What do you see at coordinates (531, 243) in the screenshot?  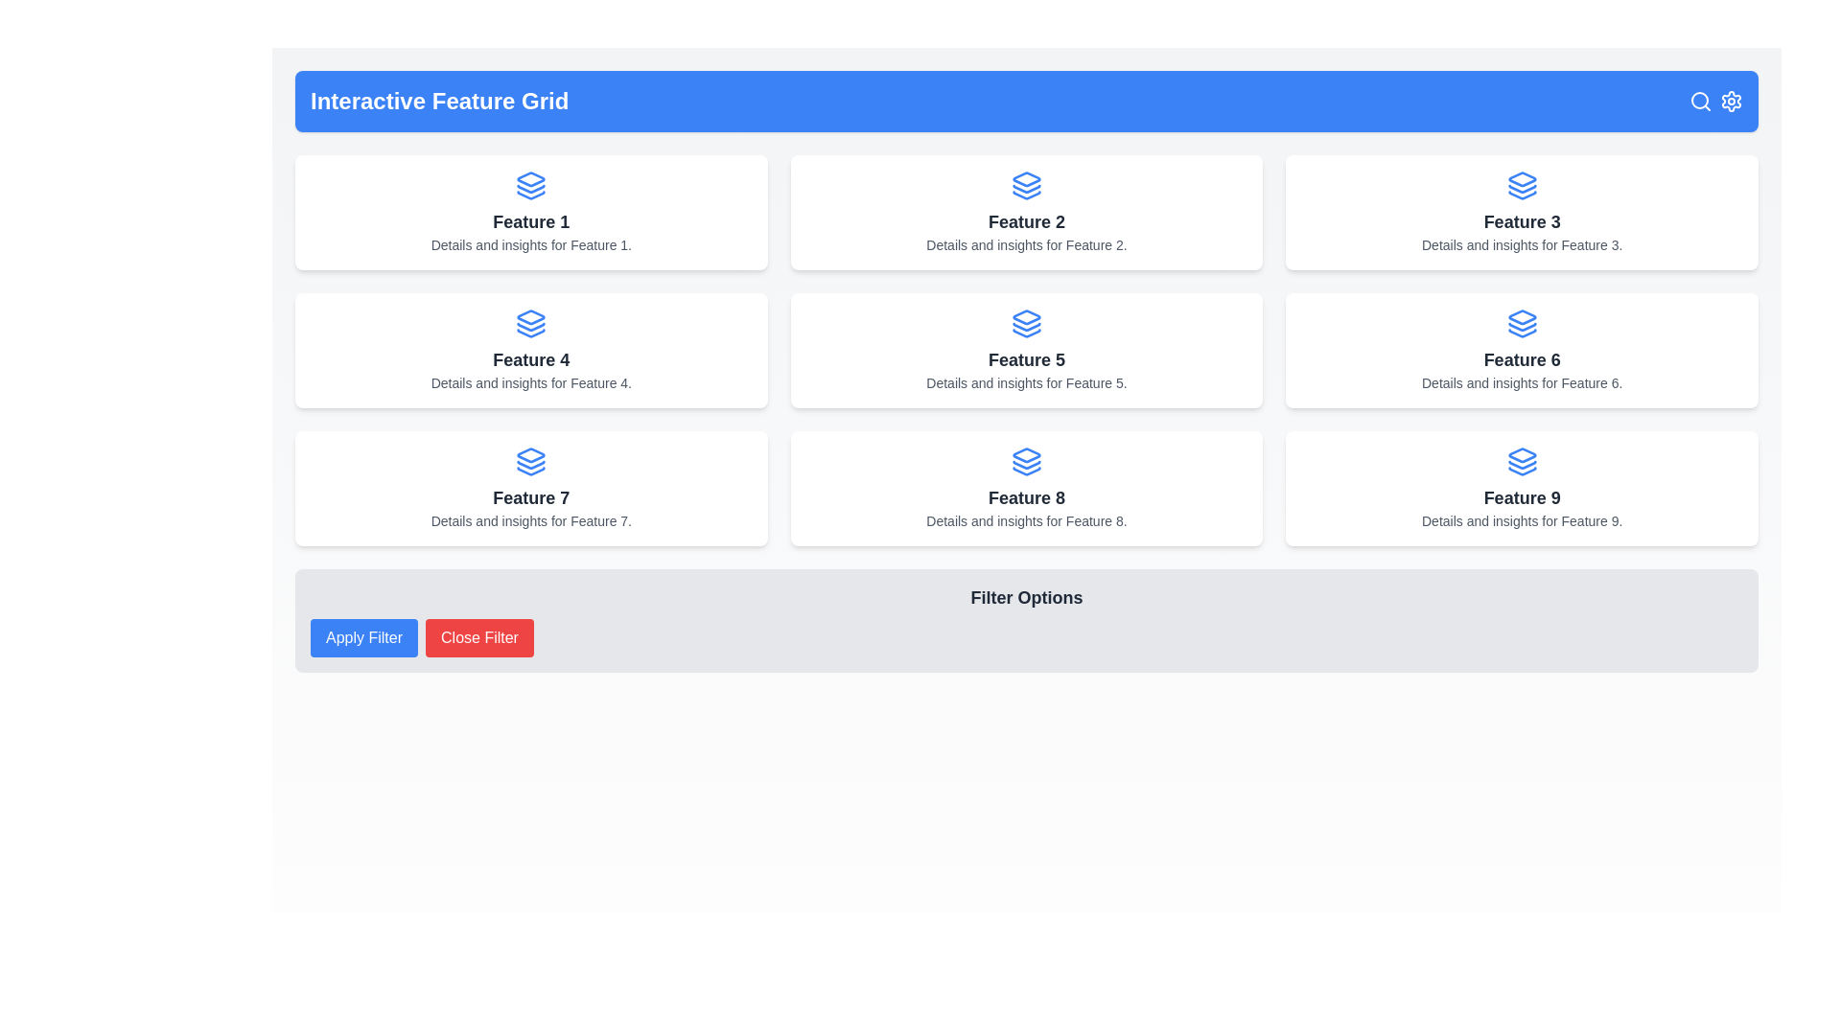 I see `the static text reading 'Details and insights for Feature 1.' which is positioned below the bold text 'Feature 1' within the card layout` at bounding box center [531, 243].